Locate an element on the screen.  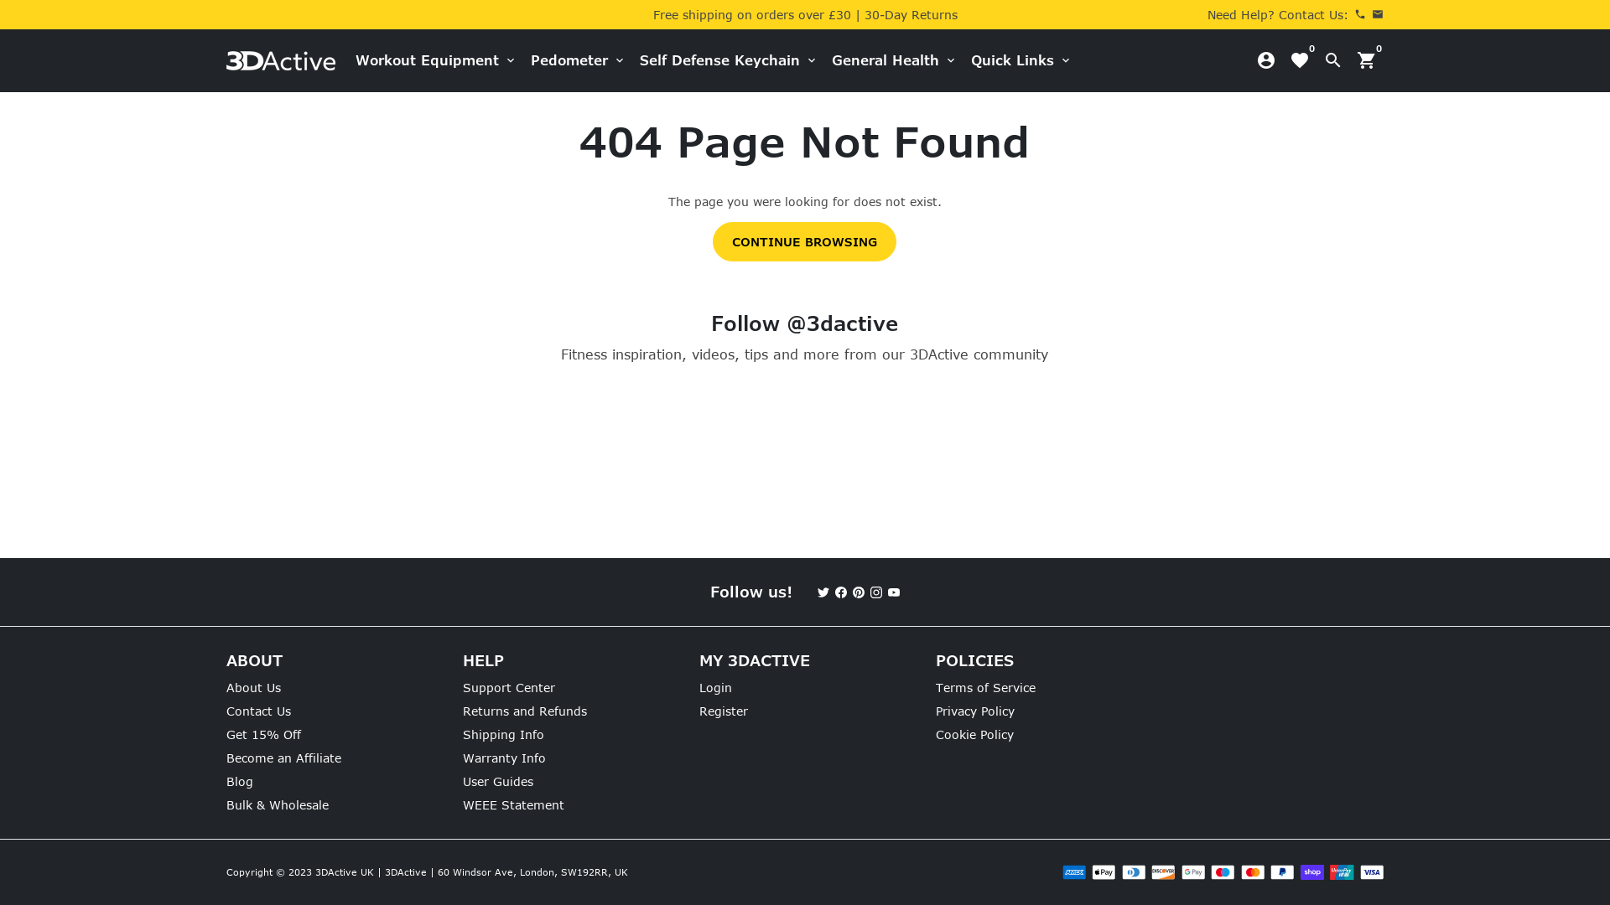
'3DActive UK on Instagram' is located at coordinates (870, 591).